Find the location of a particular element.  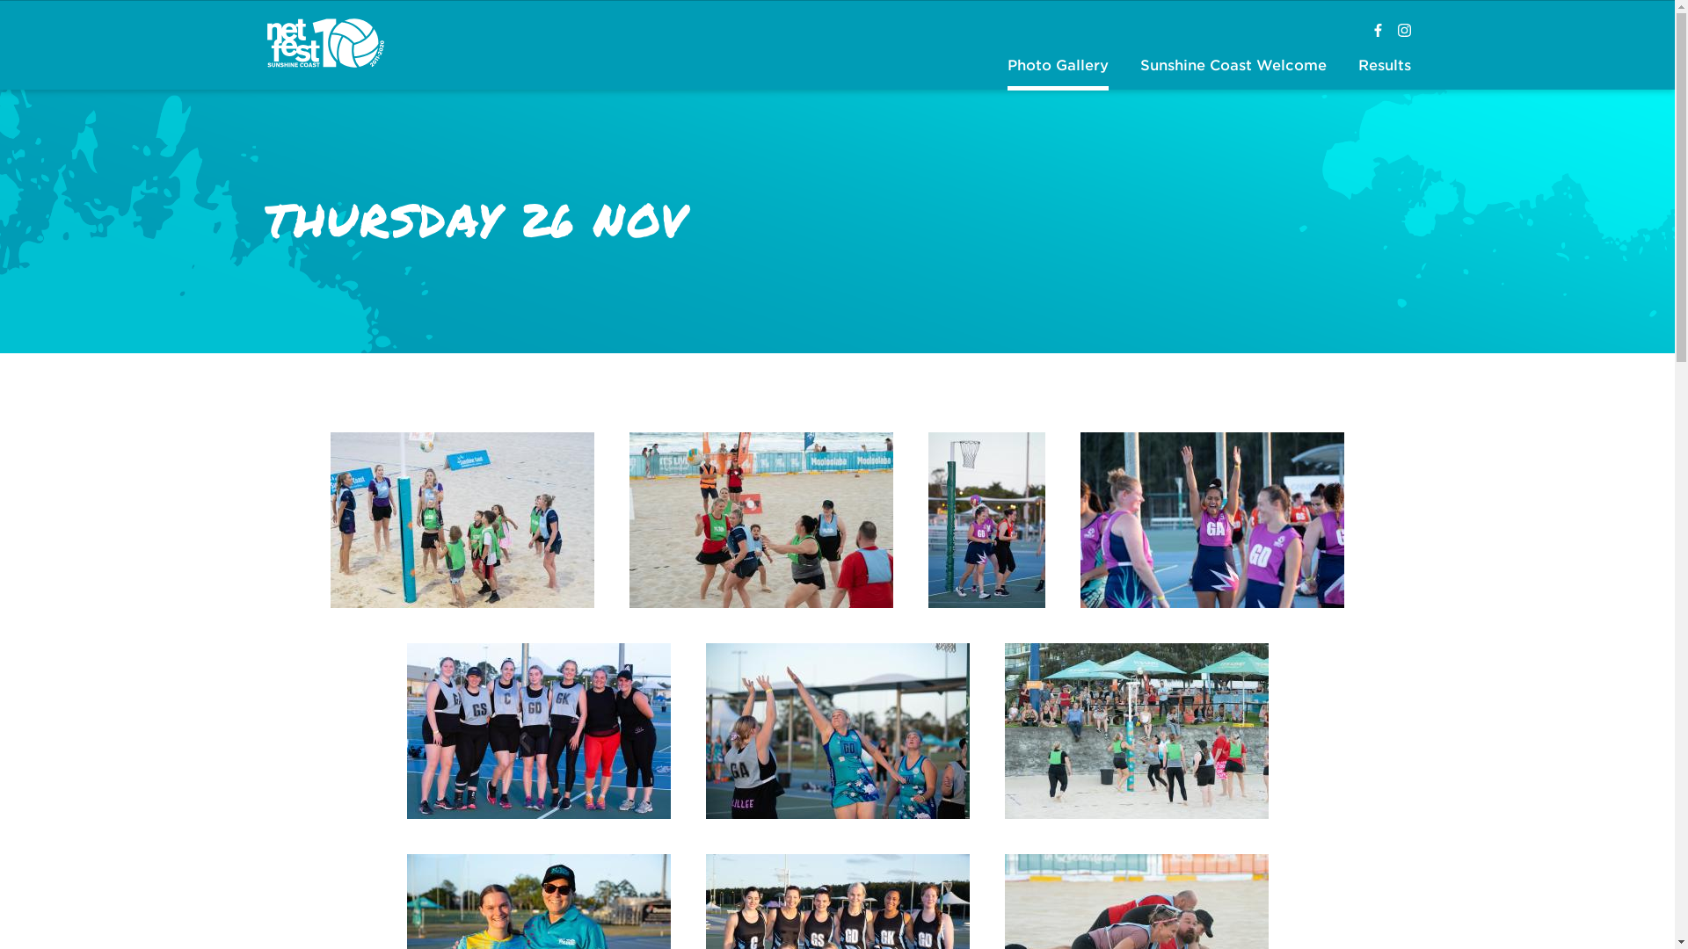

'Sunshine Coast Welcome' is located at coordinates (1232, 66).